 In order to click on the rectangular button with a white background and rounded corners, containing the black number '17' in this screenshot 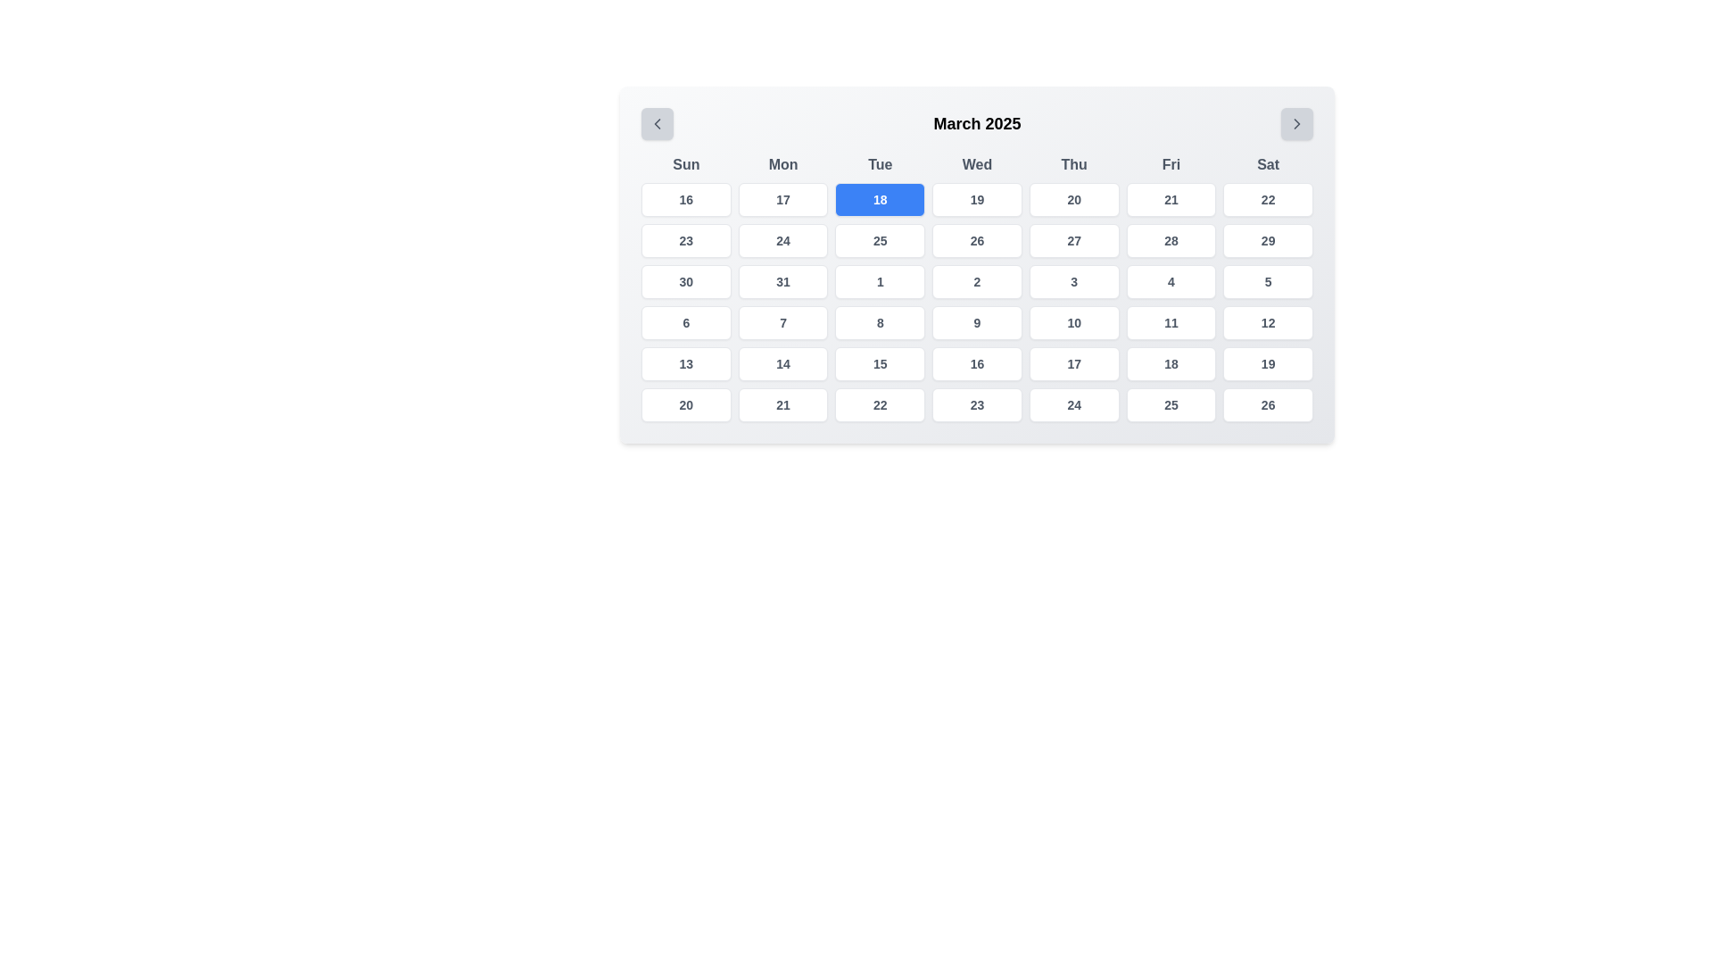, I will do `click(783, 199)`.